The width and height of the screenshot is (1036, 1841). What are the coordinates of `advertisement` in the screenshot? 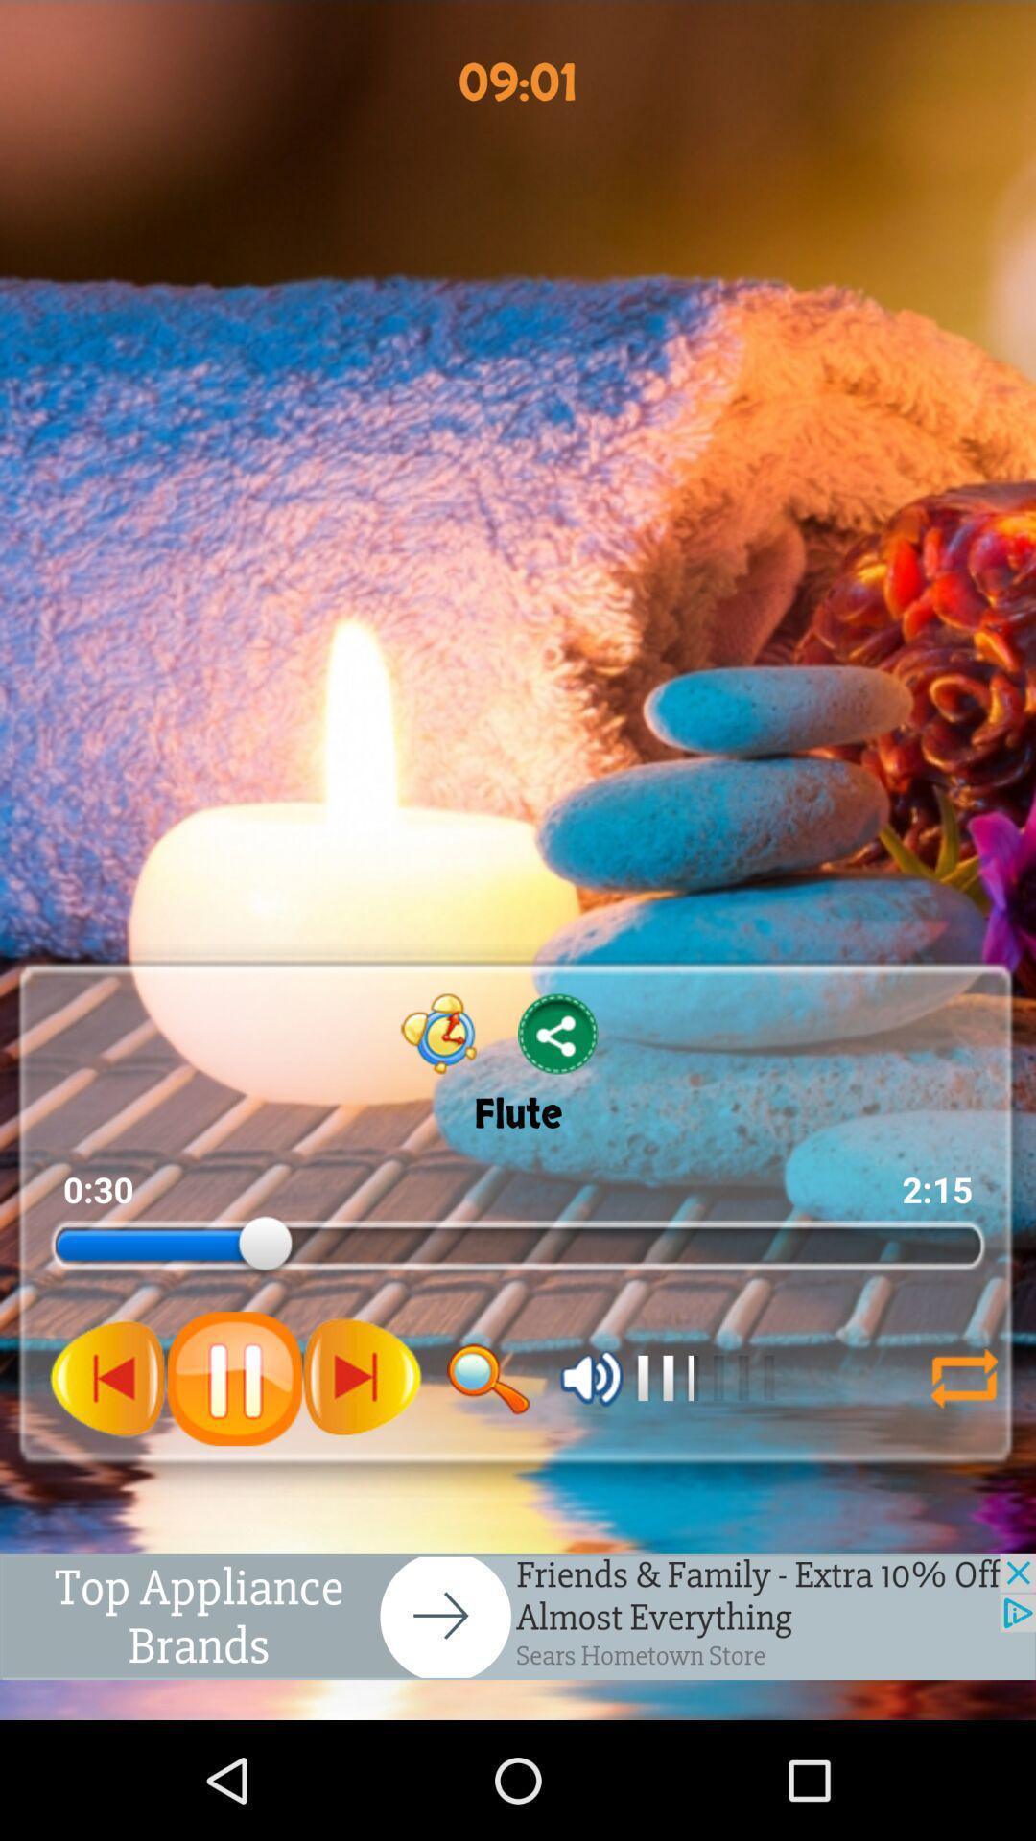 It's located at (518, 1616).